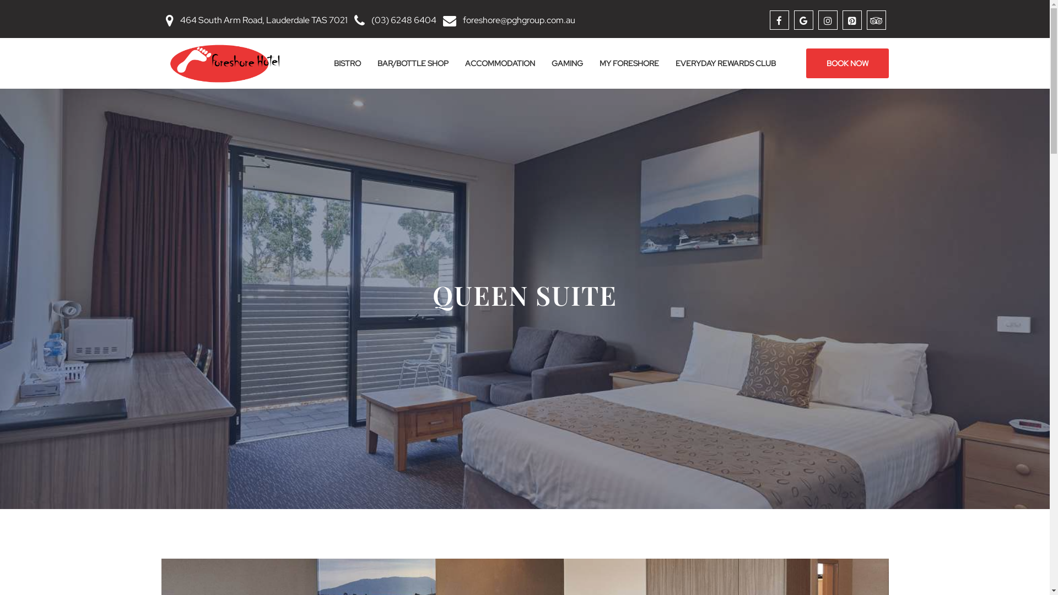  Describe the element at coordinates (567, 63) in the screenshot. I see `'GAMING'` at that location.